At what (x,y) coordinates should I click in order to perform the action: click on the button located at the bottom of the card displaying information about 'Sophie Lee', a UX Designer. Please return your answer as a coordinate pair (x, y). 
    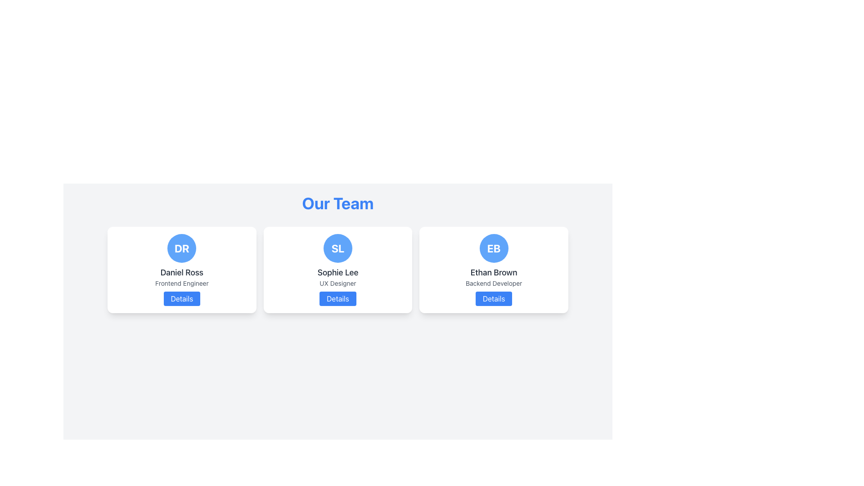
    Looking at the image, I should click on (337, 298).